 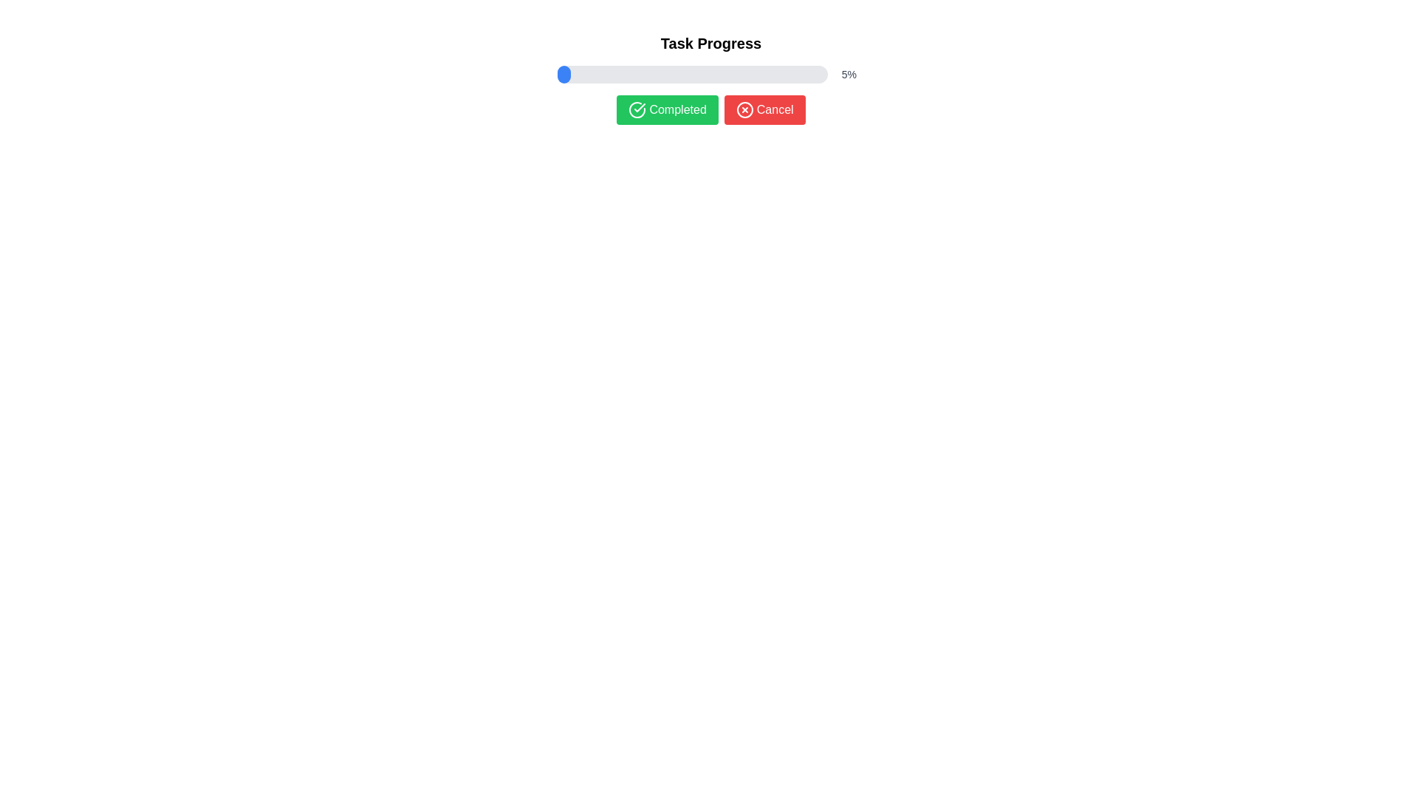 I want to click on the cancellation button, which is the second button in a horizontal group and follows the green 'Completed' button, so click(x=764, y=109).